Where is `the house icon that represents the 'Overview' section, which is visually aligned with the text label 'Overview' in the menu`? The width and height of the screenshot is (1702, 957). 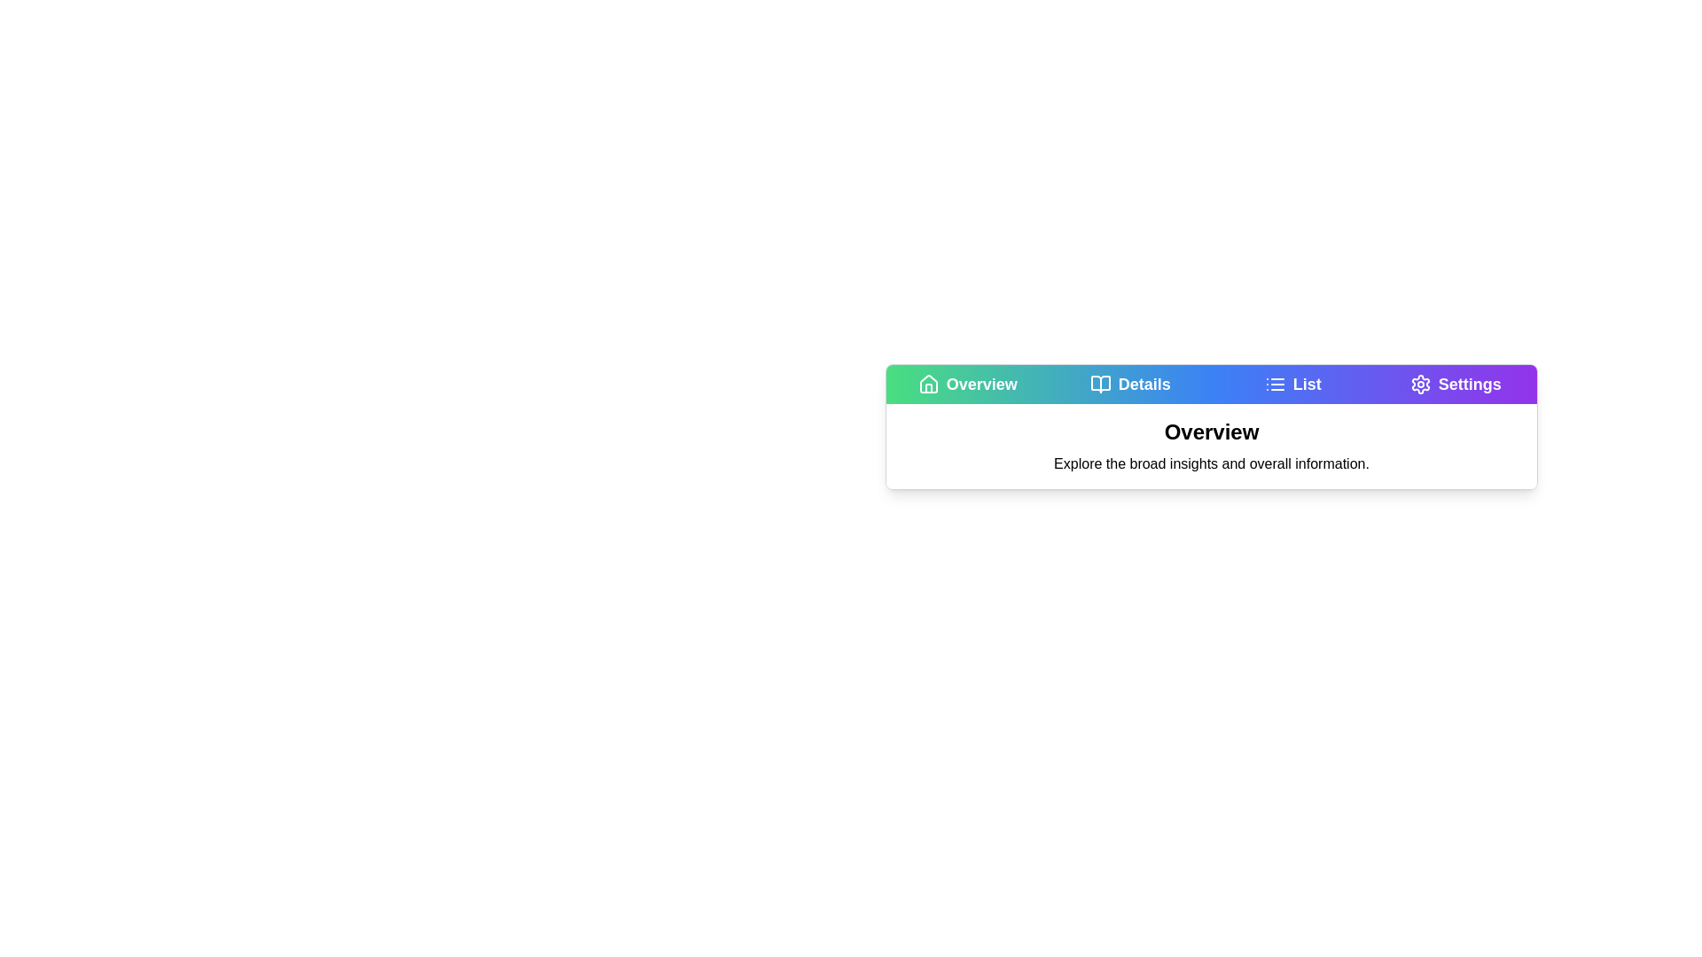 the house icon that represents the 'Overview' section, which is visually aligned with the text label 'Overview' in the menu is located at coordinates (927, 384).